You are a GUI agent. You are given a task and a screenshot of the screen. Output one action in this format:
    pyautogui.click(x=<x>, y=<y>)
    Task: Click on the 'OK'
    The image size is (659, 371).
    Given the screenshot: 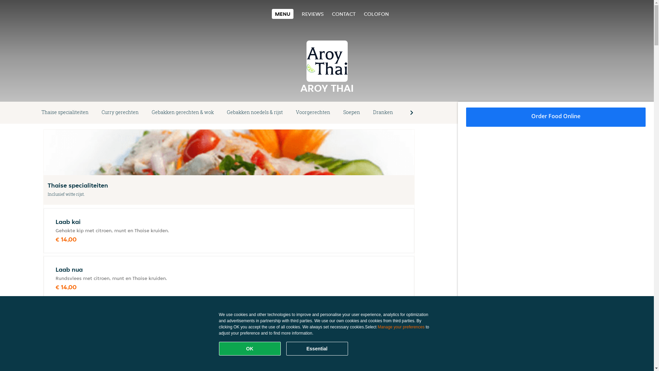 What is the action you would take?
    pyautogui.click(x=250, y=348)
    